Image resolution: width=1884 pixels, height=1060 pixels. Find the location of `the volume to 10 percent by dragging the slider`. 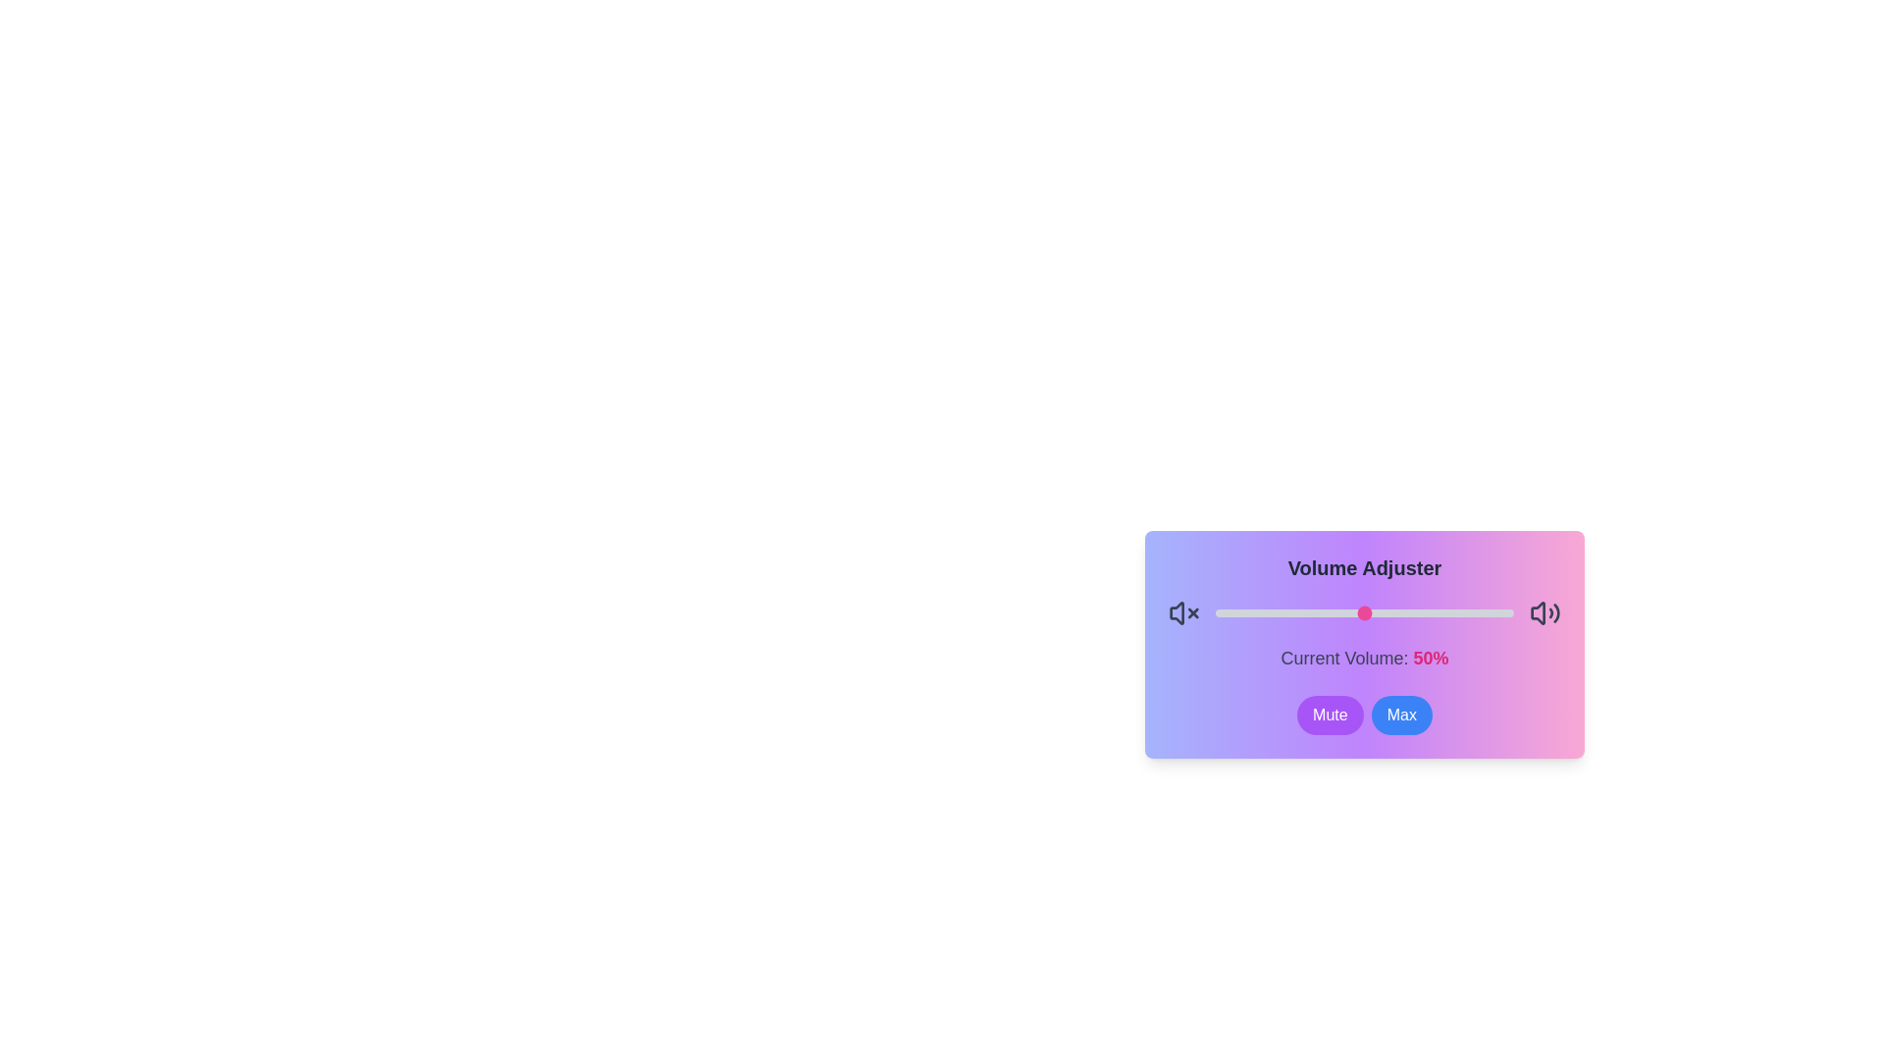

the volume to 10 percent by dragging the slider is located at coordinates (1244, 611).